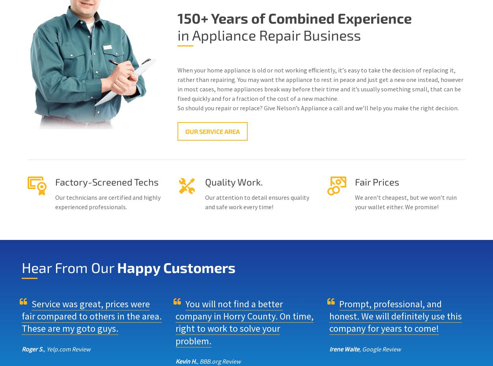 This screenshot has width=493, height=366. What do you see at coordinates (244, 321) in the screenshot?
I see `'You will not find a better company in Horry County. On time, right to work to solve your problem.'` at bounding box center [244, 321].